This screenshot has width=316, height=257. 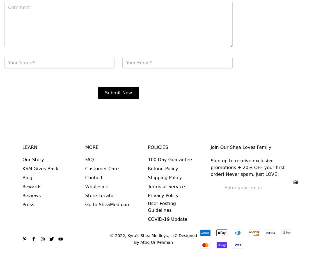 What do you see at coordinates (33, 159) in the screenshot?
I see `'Our Story'` at bounding box center [33, 159].